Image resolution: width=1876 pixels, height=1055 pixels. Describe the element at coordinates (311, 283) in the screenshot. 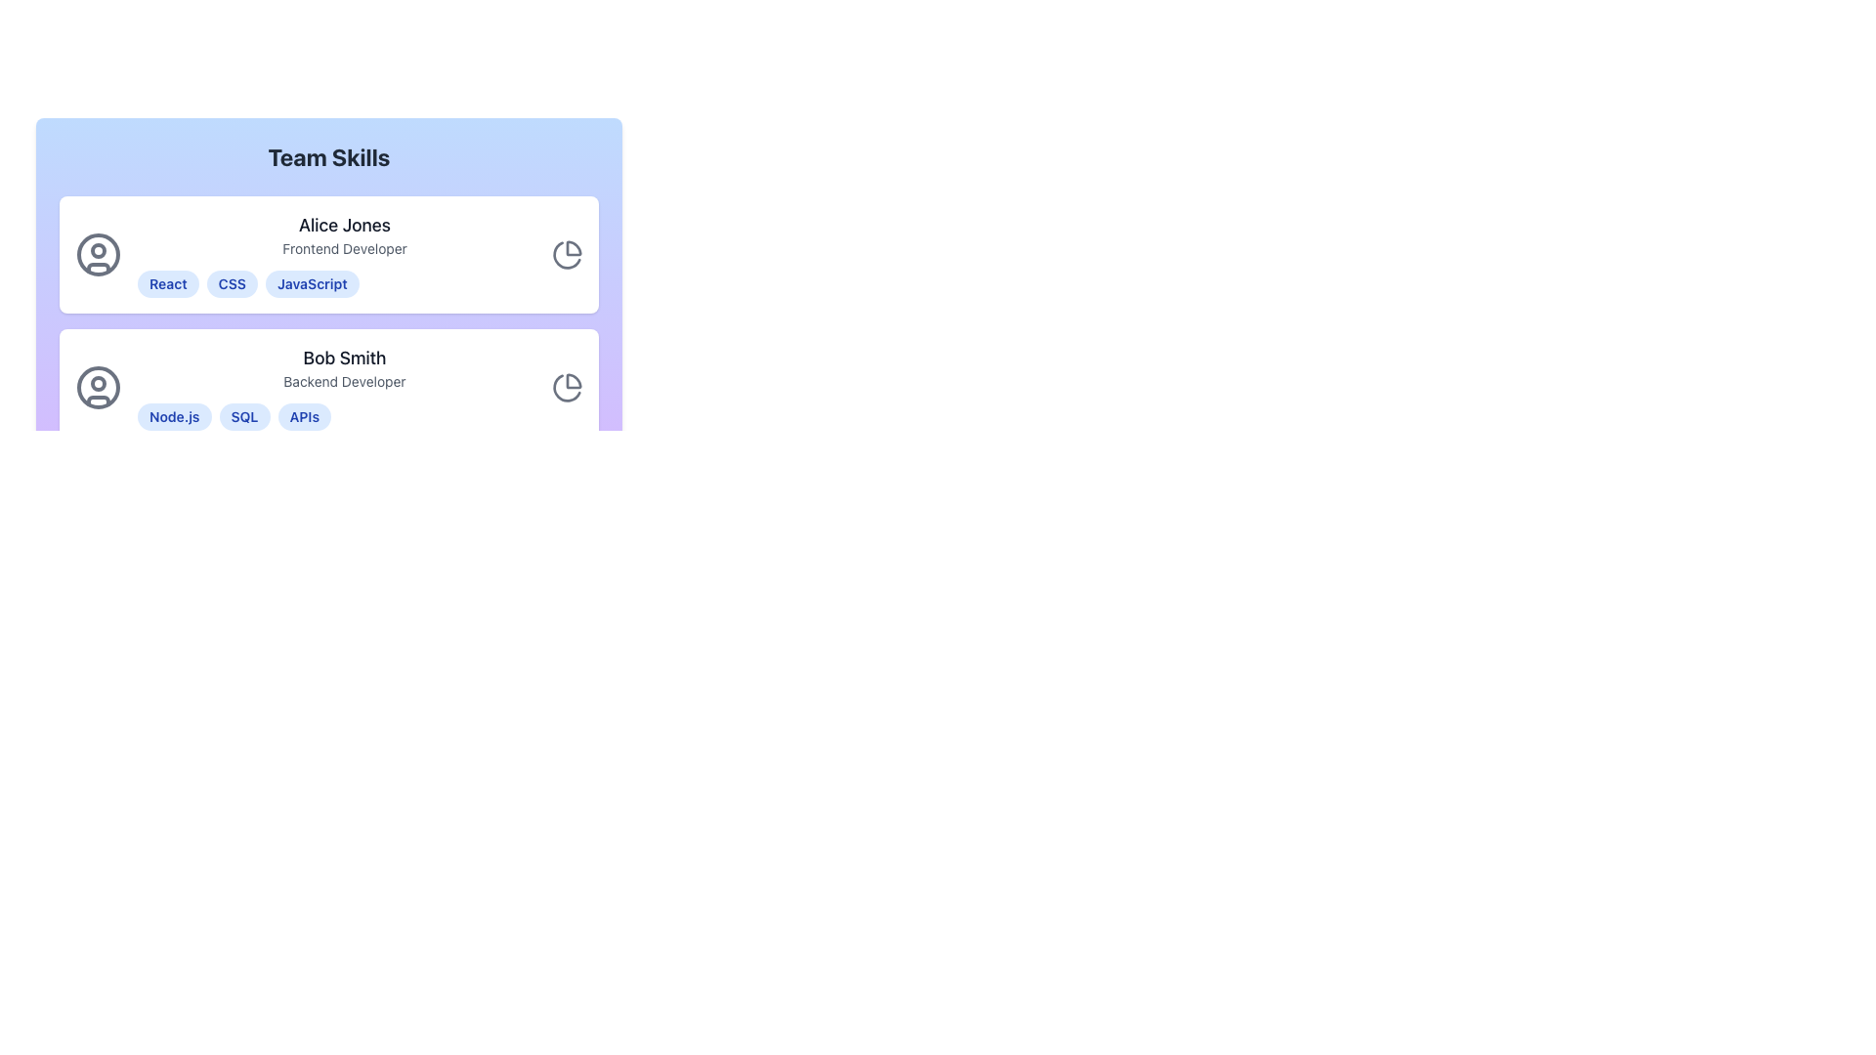

I see `the third badge labeled 'JavaScript' that indicates a skill related to Alice Jones, a Frontend Developer` at that location.